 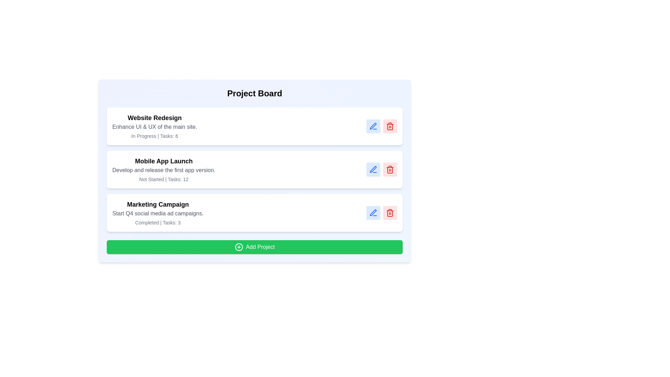 I want to click on the delete button for the project named Website Redesign, so click(x=390, y=126).